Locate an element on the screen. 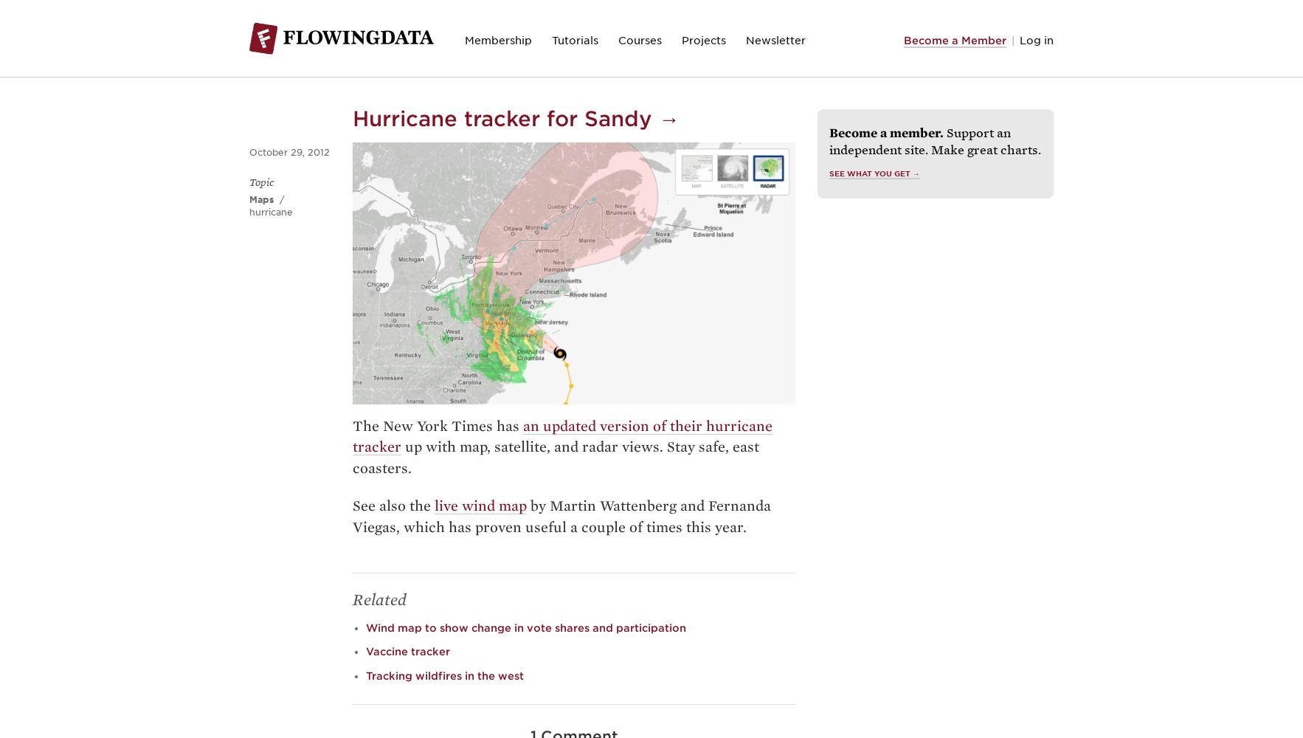  'hurricane' is located at coordinates (249, 212).